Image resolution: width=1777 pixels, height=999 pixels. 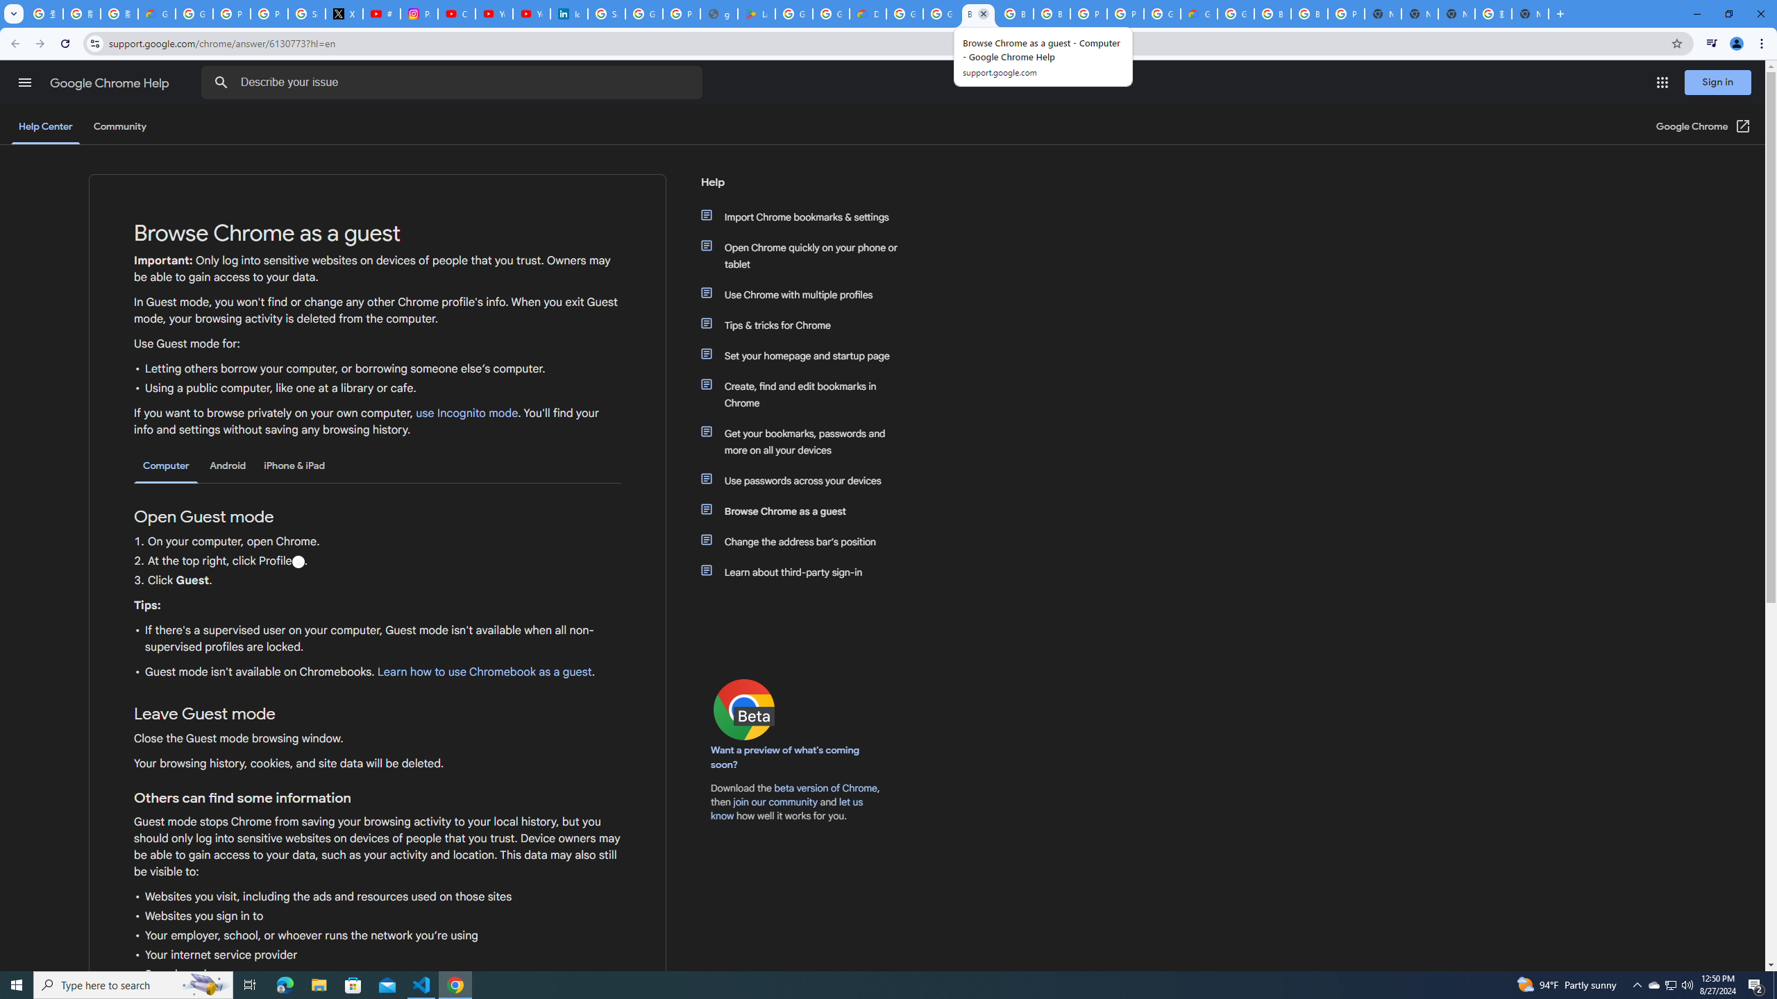 I want to click on 'New Tab', so click(x=1530, y=13).